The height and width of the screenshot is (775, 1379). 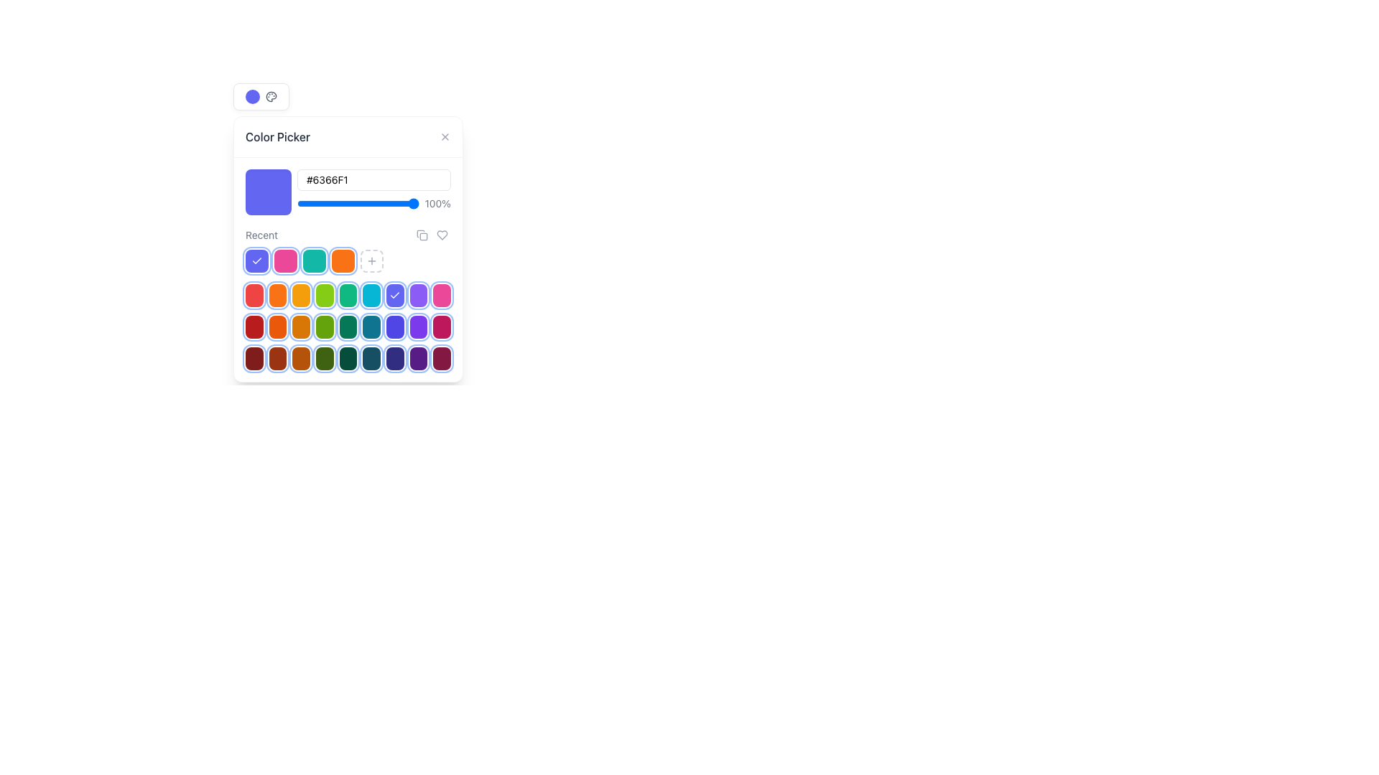 What do you see at coordinates (372, 260) in the screenshot?
I see `the add button located at the center of a circular area with a dashed border` at bounding box center [372, 260].